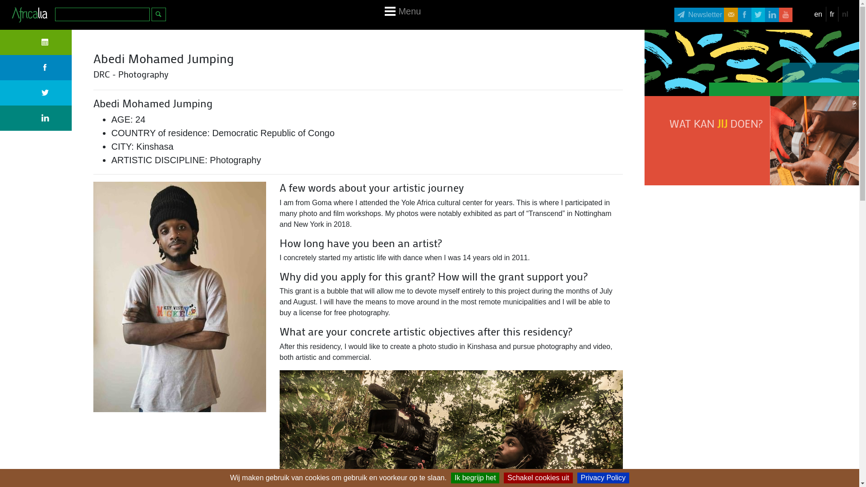 This screenshot has width=866, height=487. Describe the element at coordinates (36, 118) in the screenshot. I see `'Linkedin'` at that location.